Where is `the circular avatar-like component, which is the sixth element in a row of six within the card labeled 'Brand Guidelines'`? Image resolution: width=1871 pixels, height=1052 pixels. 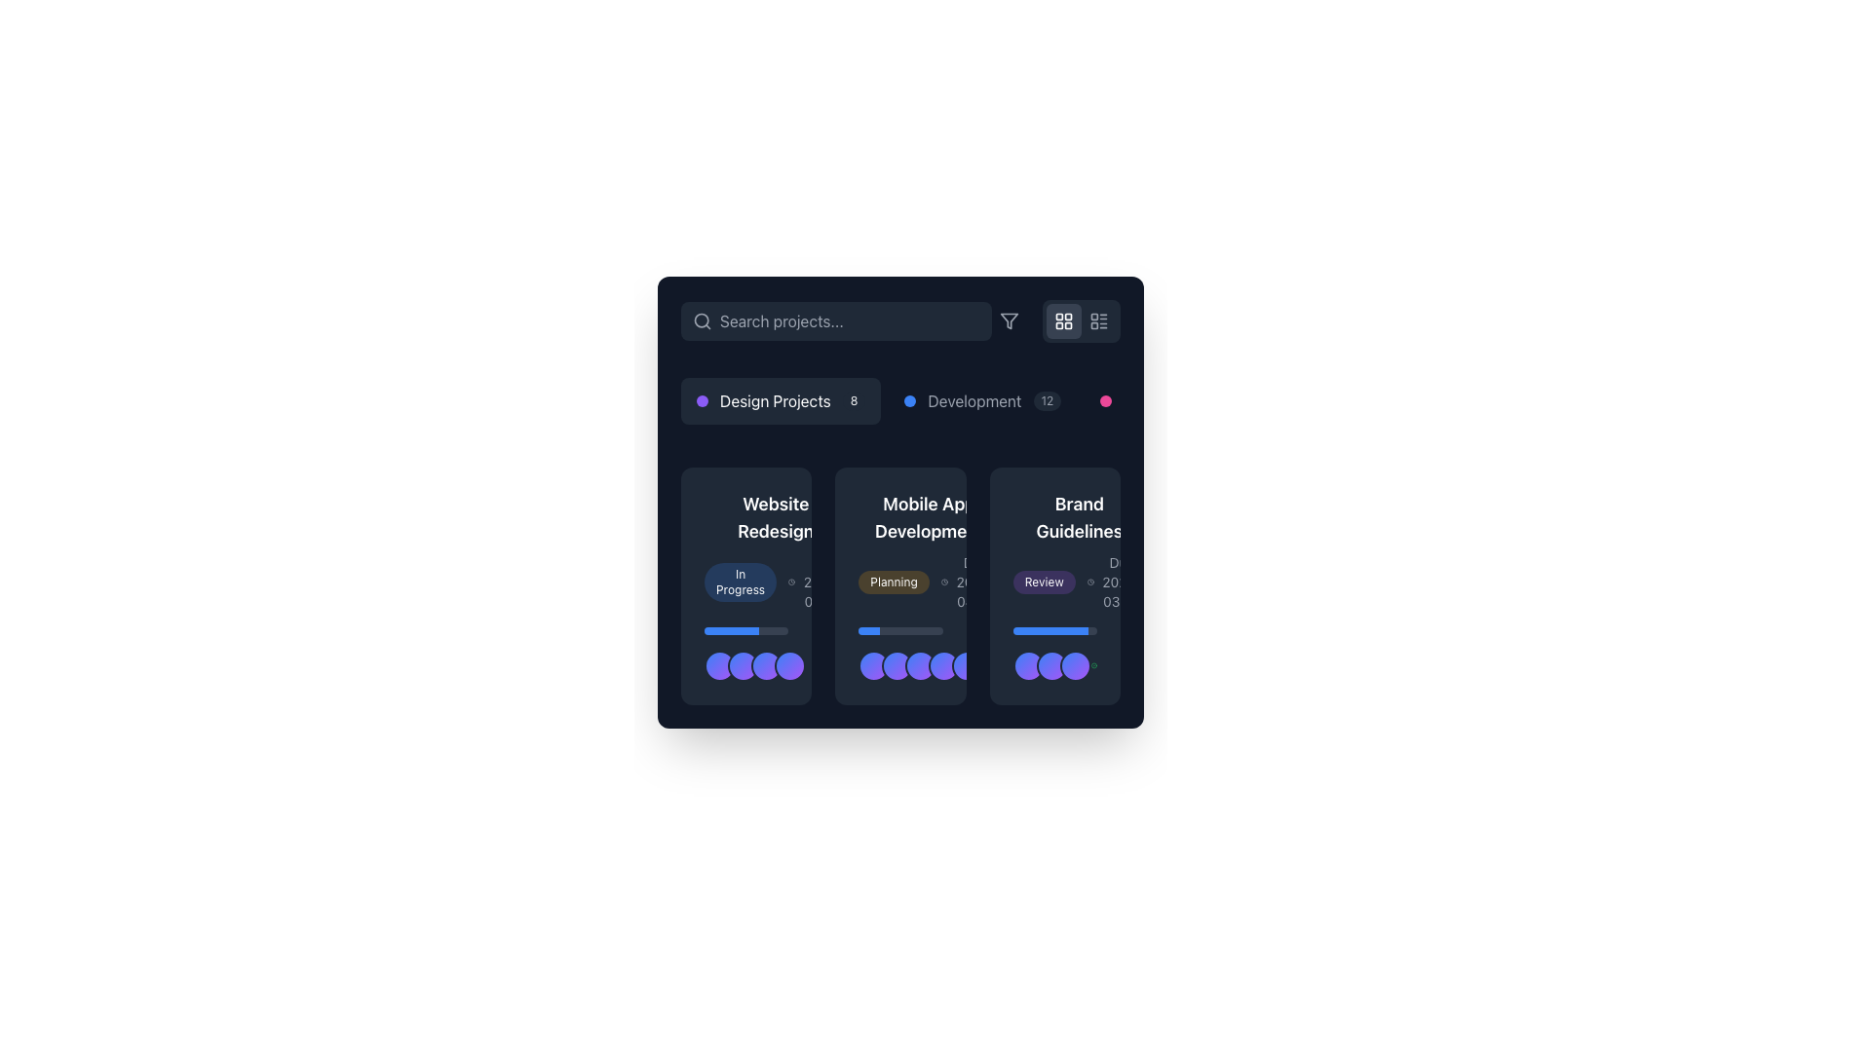
the circular avatar-like component, which is the sixth element in a row of six within the card labeled 'Brand Guidelines' is located at coordinates (991, 664).